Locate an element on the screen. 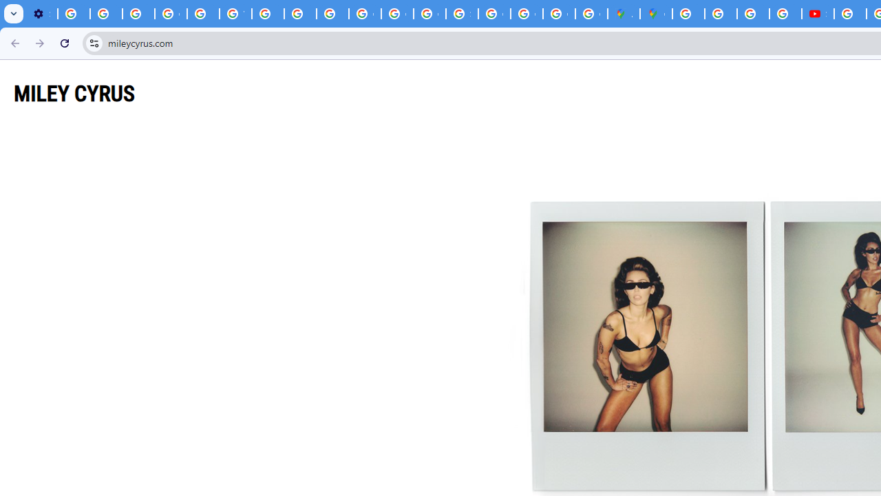 This screenshot has width=881, height=496. 'Privacy Help Center - Policies Help' is located at coordinates (202, 14).